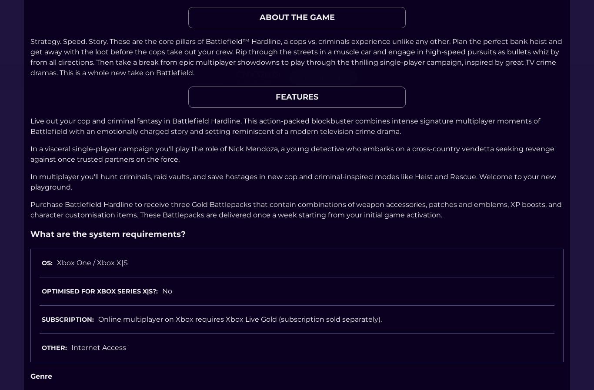  What do you see at coordinates (295, 209) in the screenshot?
I see `'Purchase Battlefield Hardline to receive three Gold Battlepacks that contain combinations of weapon accessories, patches and emblems, XP boosts, and character customisation items. These Battlepacks are delivered once a week starting from your initial game activation.'` at bounding box center [295, 209].